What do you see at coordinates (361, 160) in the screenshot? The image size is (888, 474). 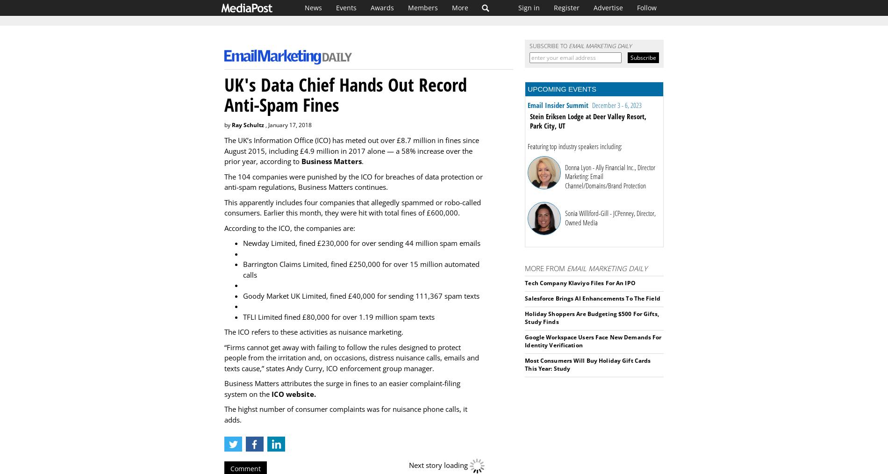 I see `'.'` at bounding box center [361, 160].